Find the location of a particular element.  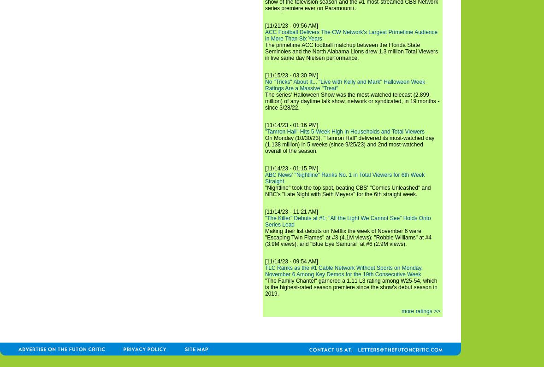

'ACC Football Delivers The CW Network's Largest Primetime Audience in More Than Six Years' is located at coordinates (351, 35).